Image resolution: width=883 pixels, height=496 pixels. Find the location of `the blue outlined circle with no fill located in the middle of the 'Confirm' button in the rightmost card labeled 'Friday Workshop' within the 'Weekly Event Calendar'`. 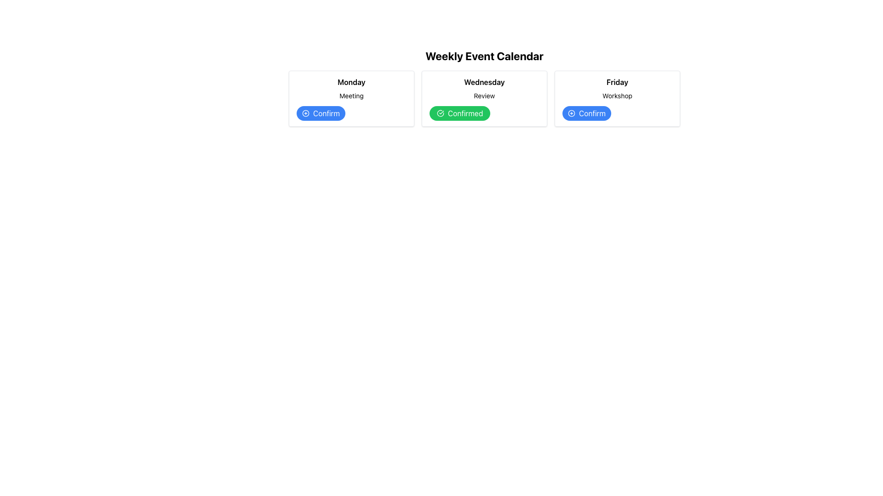

the blue outlined circle with no fill located in the middle of the 'Confirm' button in the rightmost card labeled 'Friday Workshop' within the 'Weekly Event Calendar' is located at coordinates (571, 113).